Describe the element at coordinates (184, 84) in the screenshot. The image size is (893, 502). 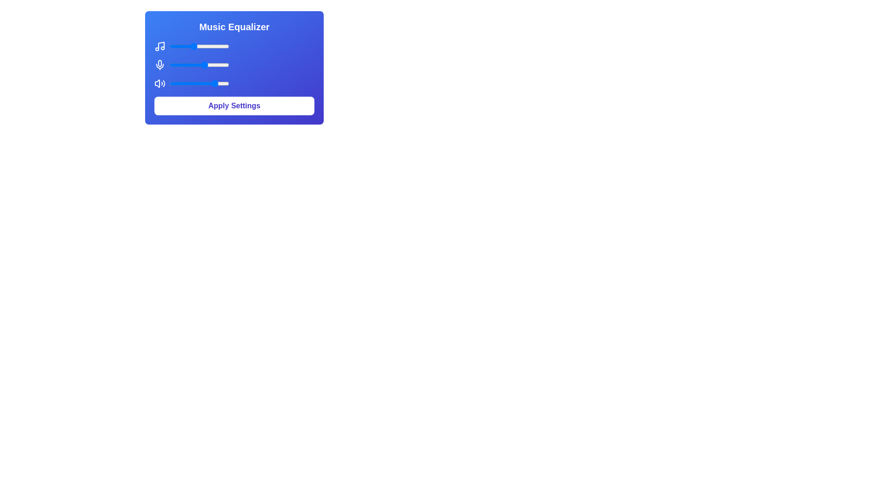
I see `the volume` at that location.